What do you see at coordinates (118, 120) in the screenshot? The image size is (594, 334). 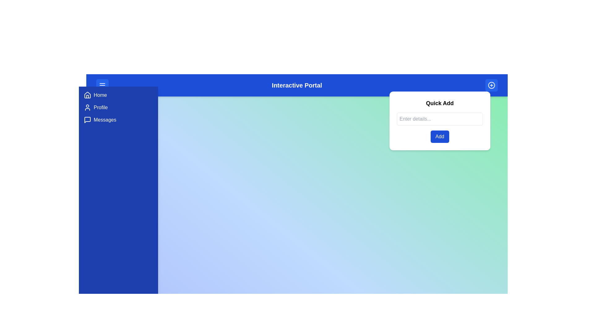 I see `the Messages item from the side navigation menu` at bounding box center [118, 120].